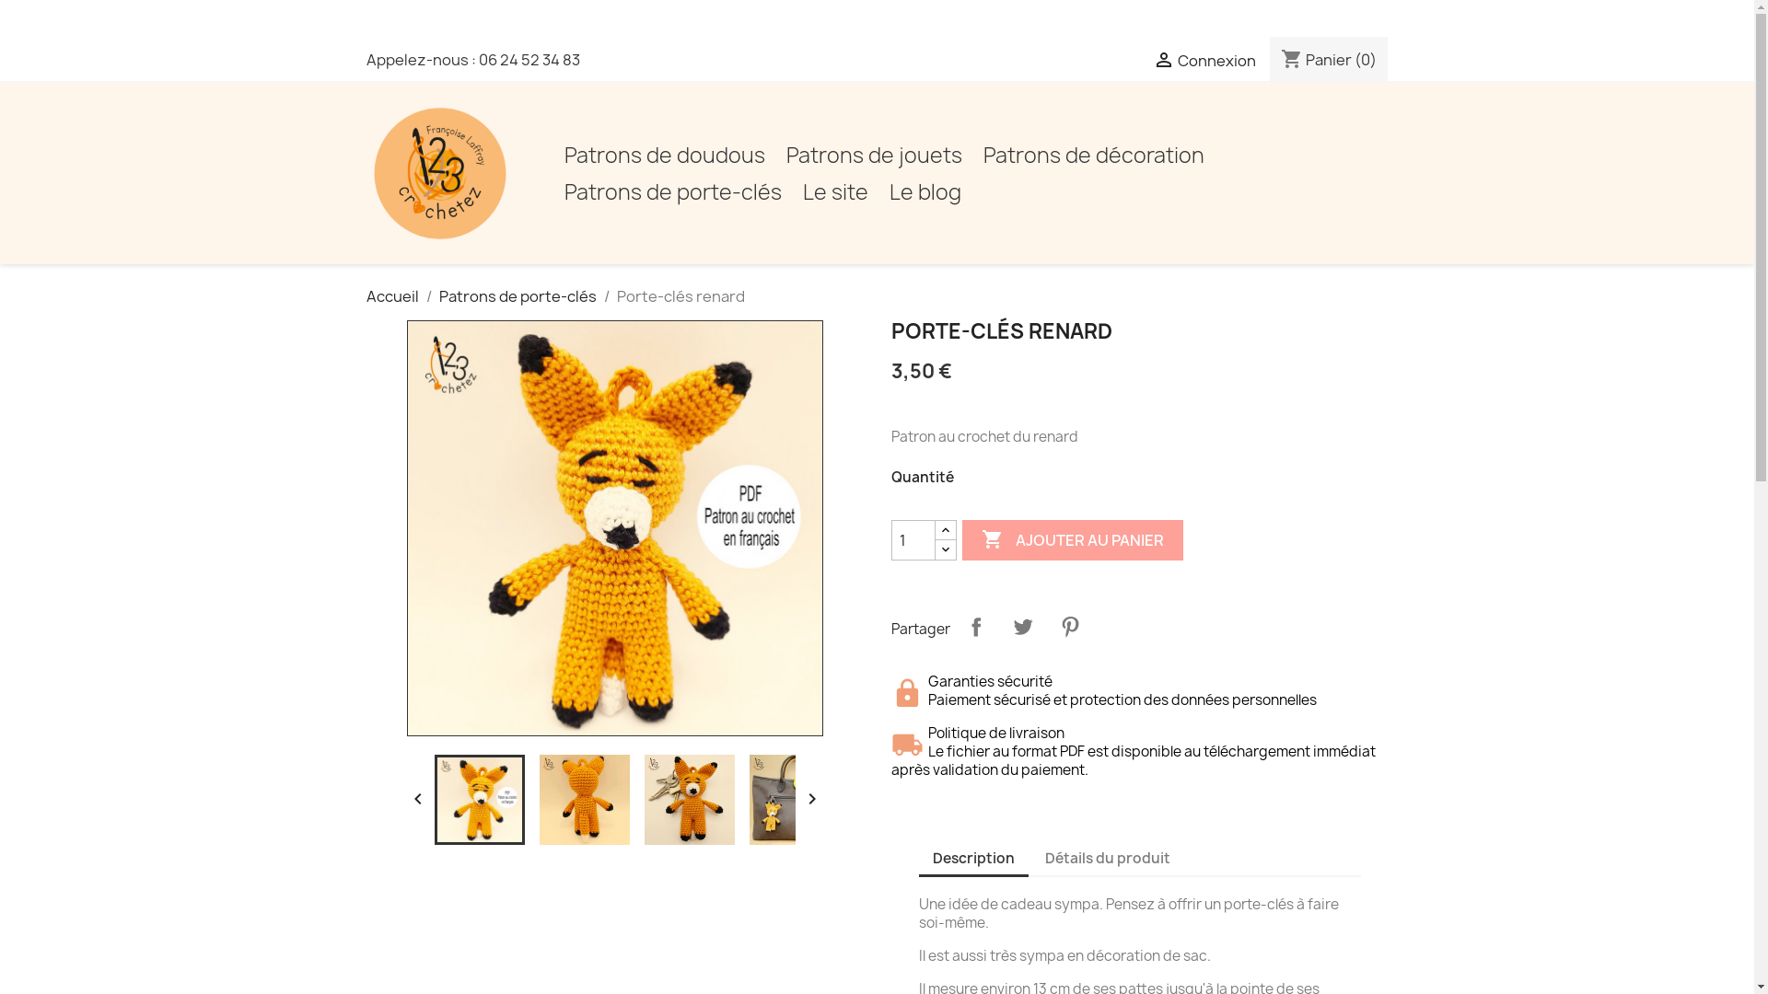 This screenshot has height=994, width=1768. What do you see at coordinates (1020, 626) in the screenshot?
I see `'Tweet'` at bounding box center [1020, 626].